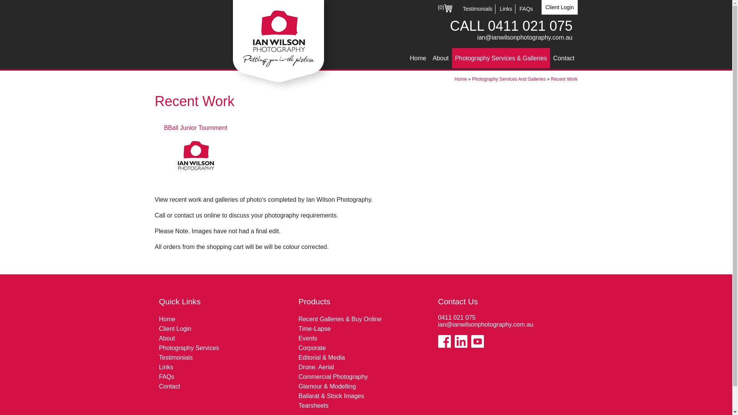  What do you see at coordinates (559, 7) in the screenshot?
I see `'Client Login'` at bounding box center [559, 7].